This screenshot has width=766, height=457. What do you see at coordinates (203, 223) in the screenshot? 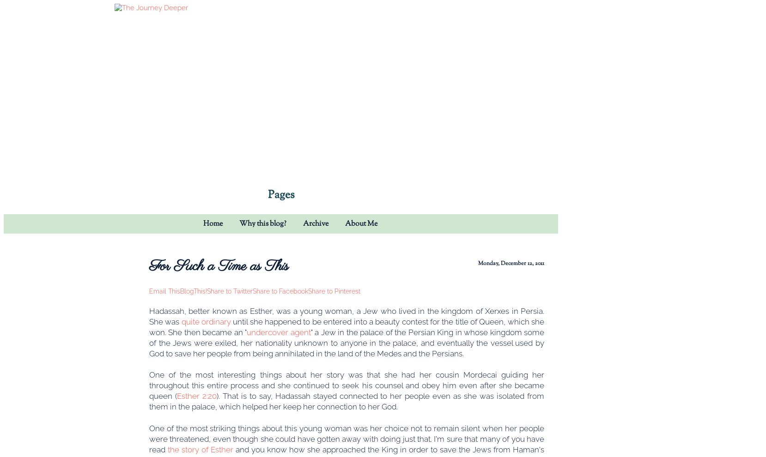
I see `'Home'` at bounding box center [203, 223].